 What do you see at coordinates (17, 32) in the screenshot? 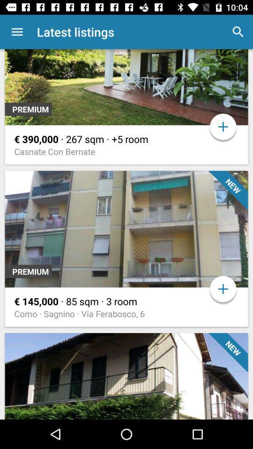
I see `app to the left of the latest listings icon` at bounding box center [17, 32].